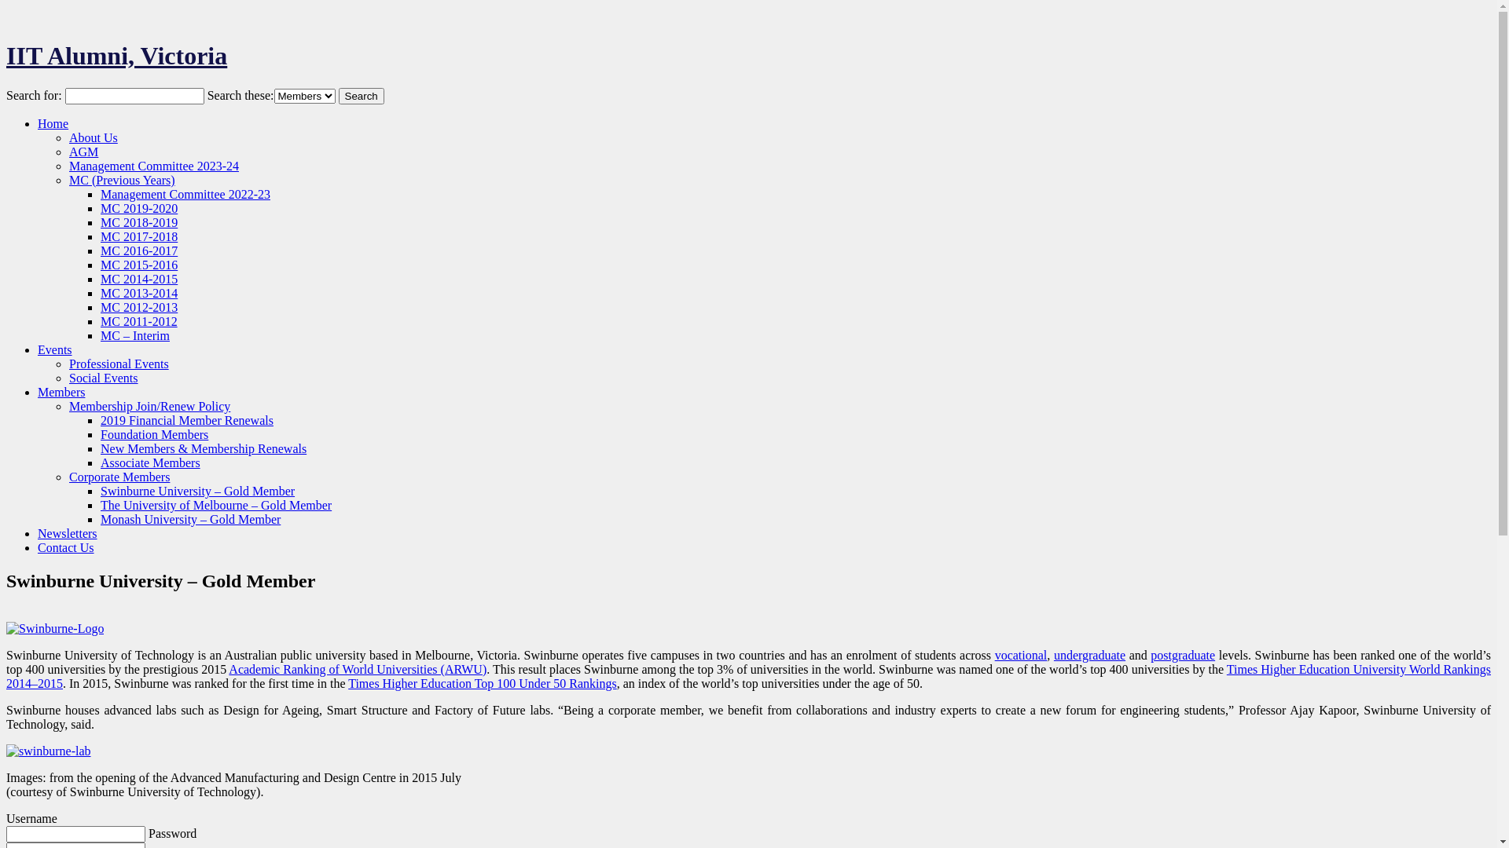  I want to click on '2019 Financial Member Renewals', so click(100, 419).